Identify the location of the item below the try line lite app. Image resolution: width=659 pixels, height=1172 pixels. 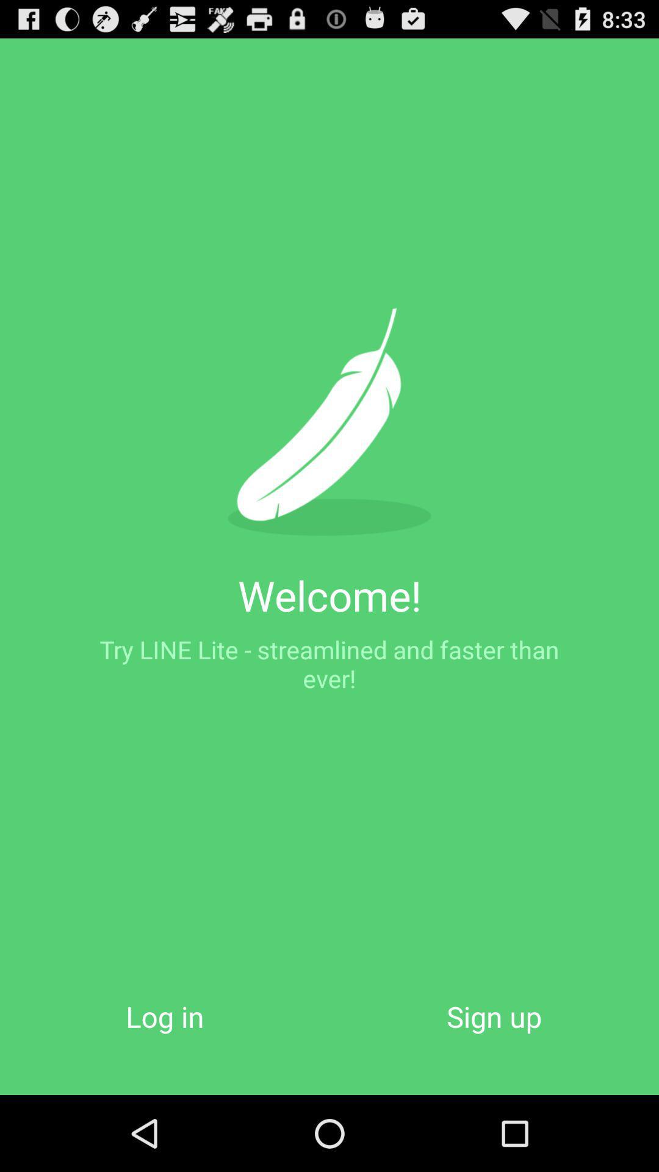
(165, 1016).